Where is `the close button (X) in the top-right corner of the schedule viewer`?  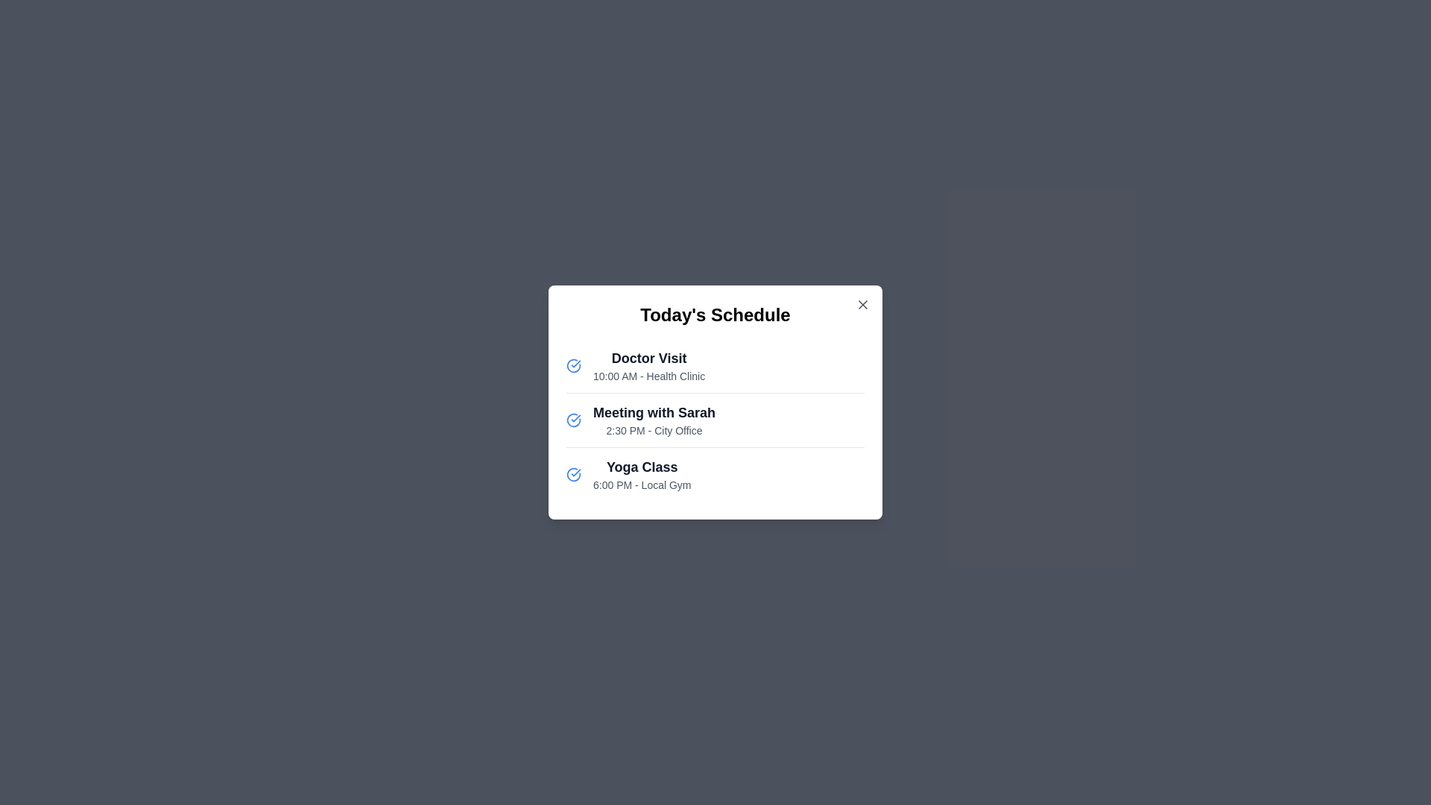
the close button (X) in the top-right corner of the schedule viewer is located at coordinates (862, 303).